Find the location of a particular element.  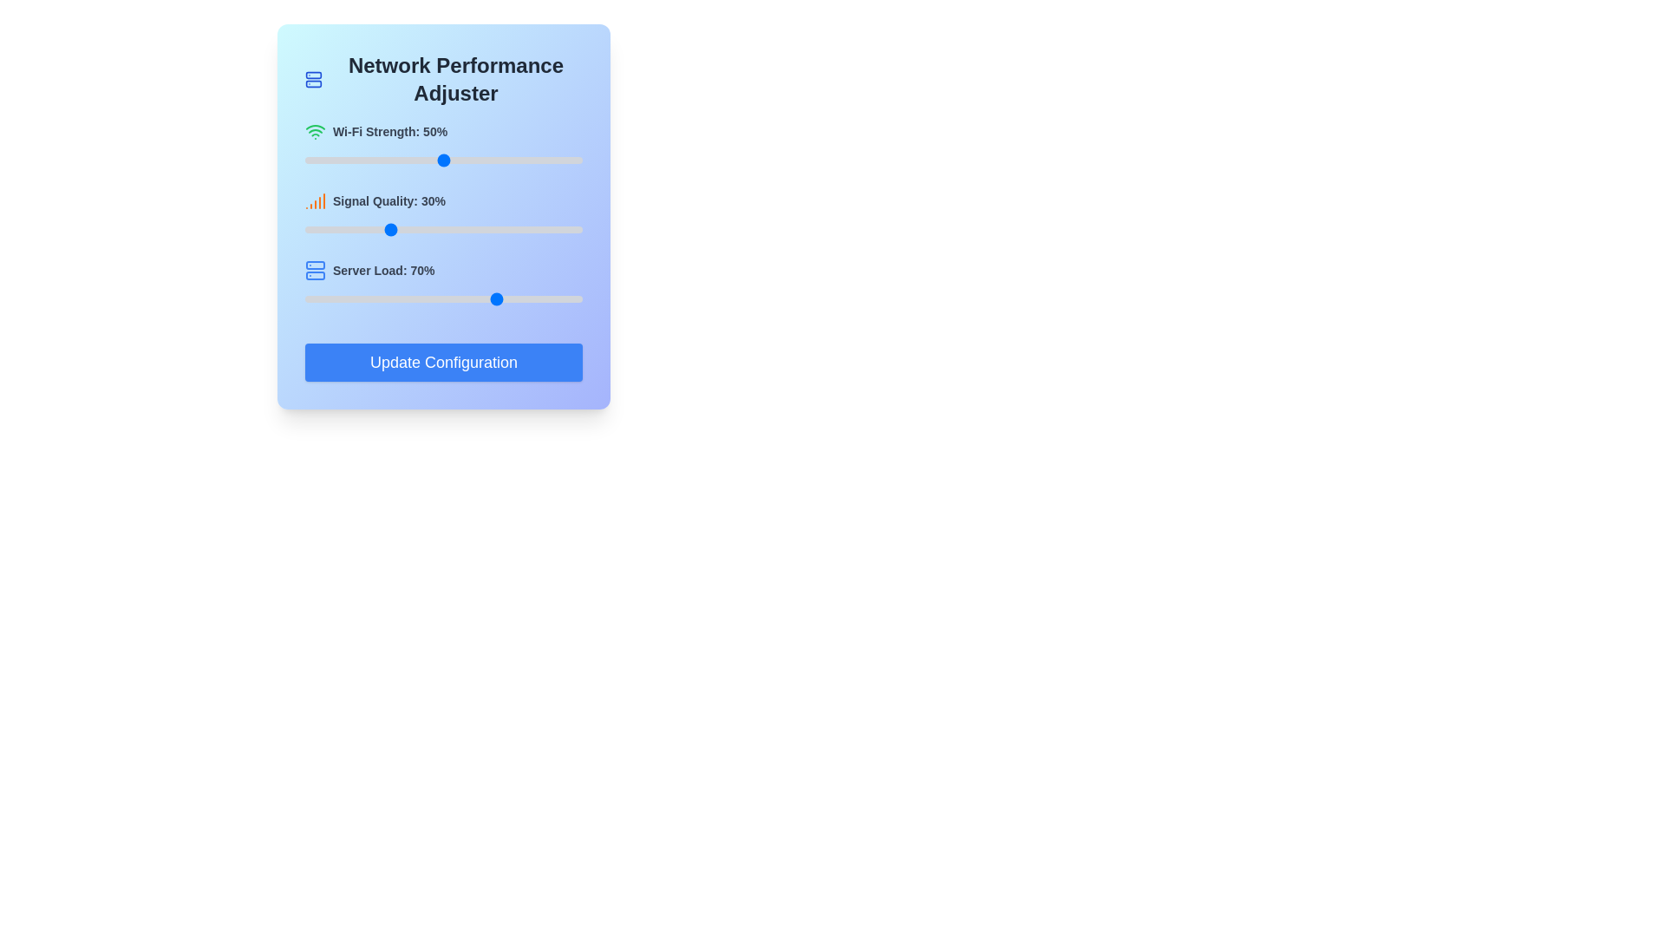

the Server Load slider is located at coordinates (474, 298).